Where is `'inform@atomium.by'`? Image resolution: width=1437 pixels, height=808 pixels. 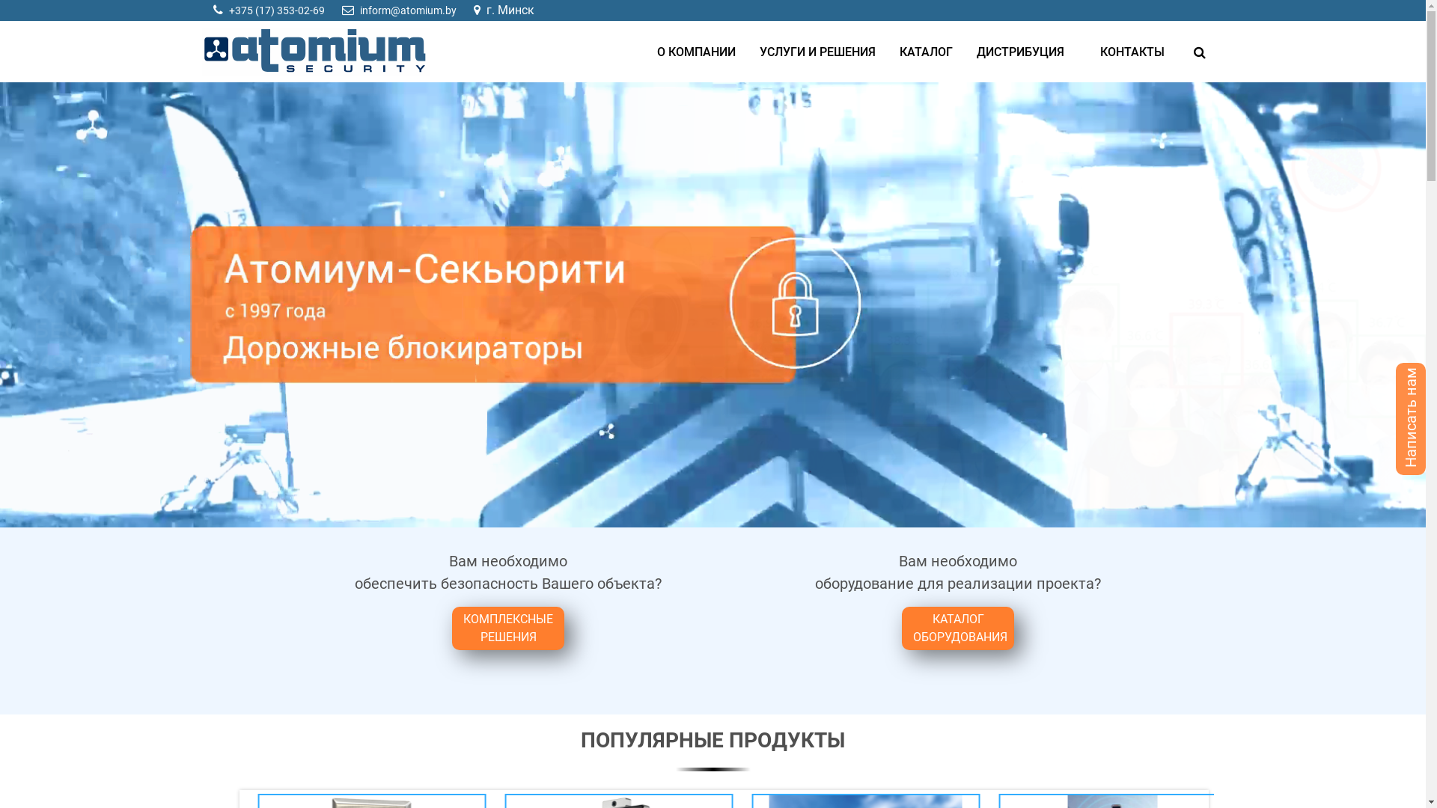 'inform@atomium.by' is located at coordinates (407, 10).